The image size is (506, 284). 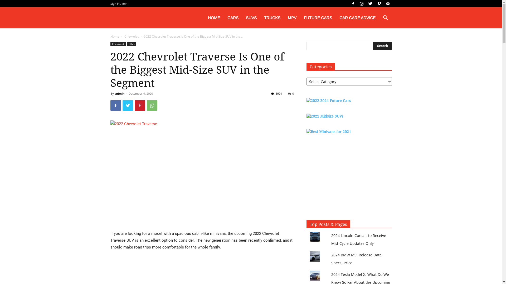 I want to click on 'CAR CARE ADVICE', so click(x=357, y=18).